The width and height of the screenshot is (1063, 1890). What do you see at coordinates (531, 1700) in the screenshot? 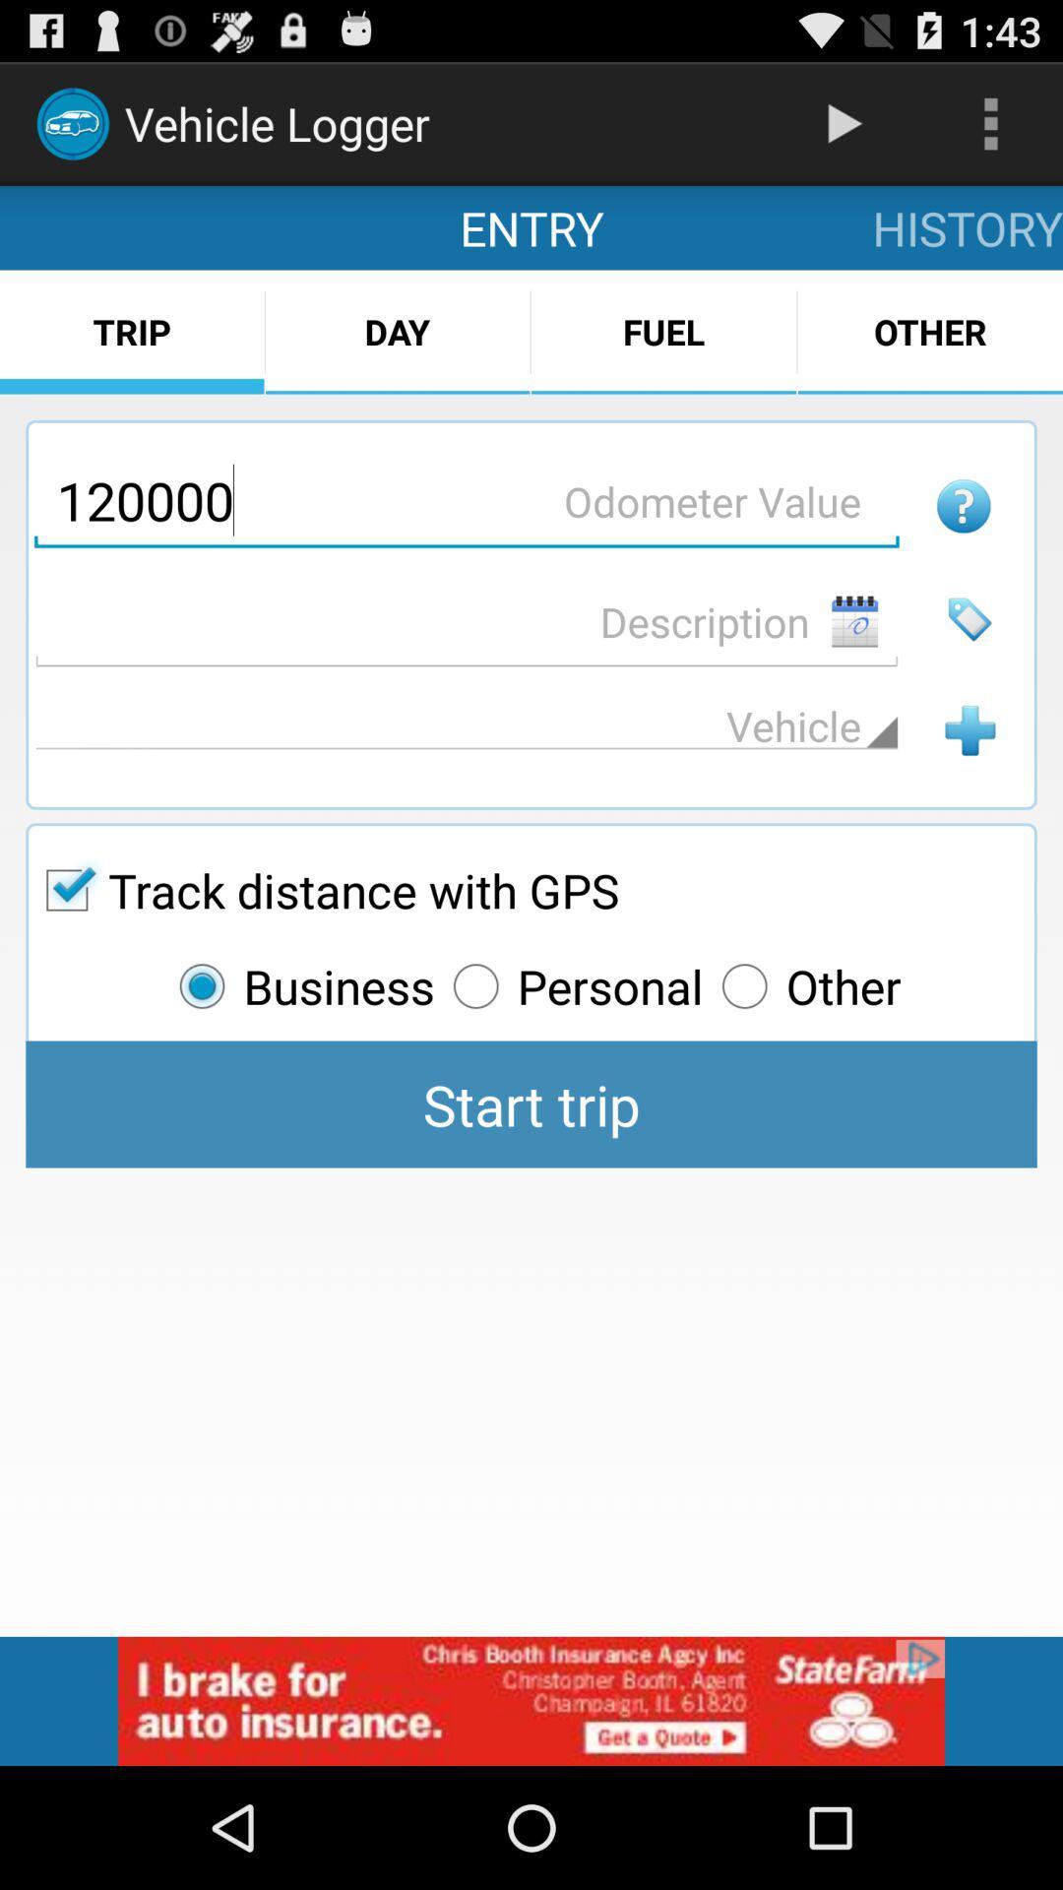
I see `brake ofr auto insurance` at bounding box center [531, 1700].